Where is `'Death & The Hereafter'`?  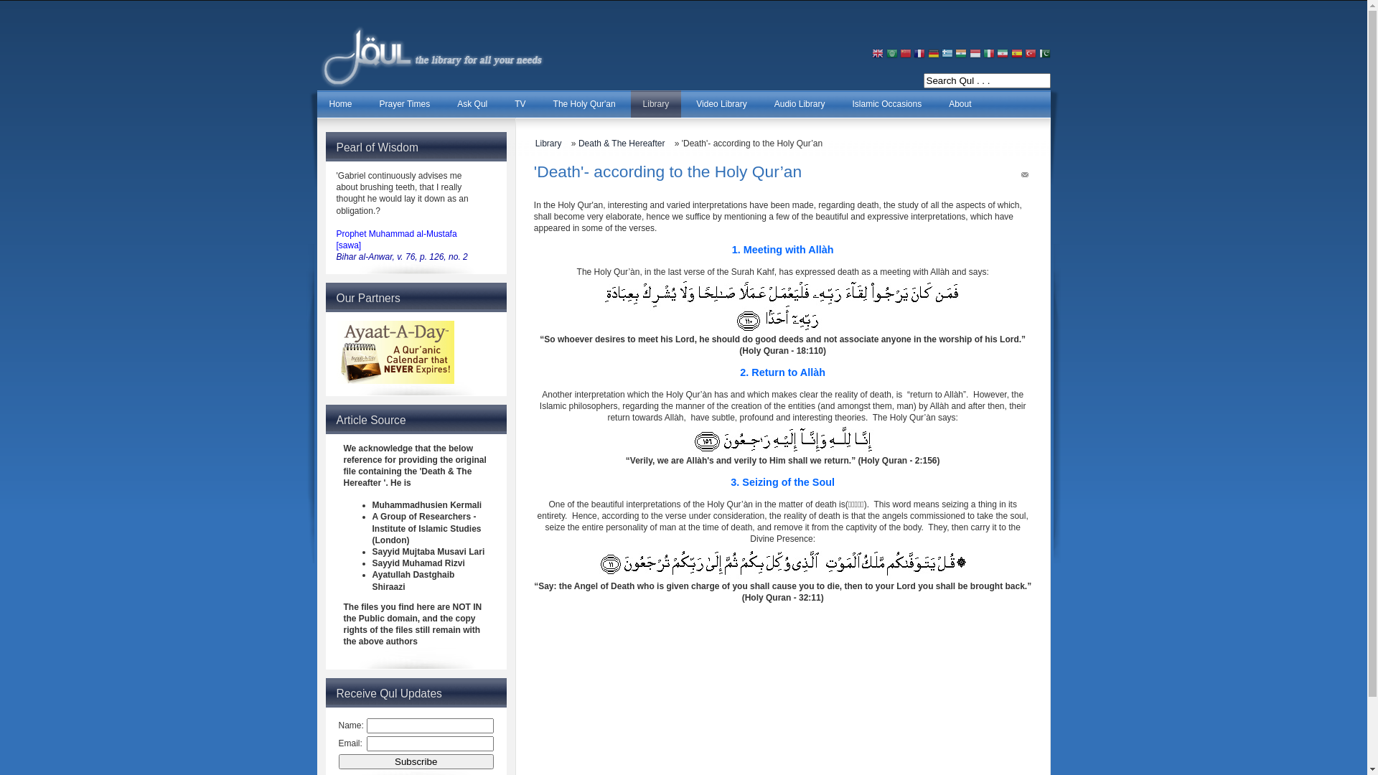 'Death & The Hereafter' is located at coordinates (625, 144).